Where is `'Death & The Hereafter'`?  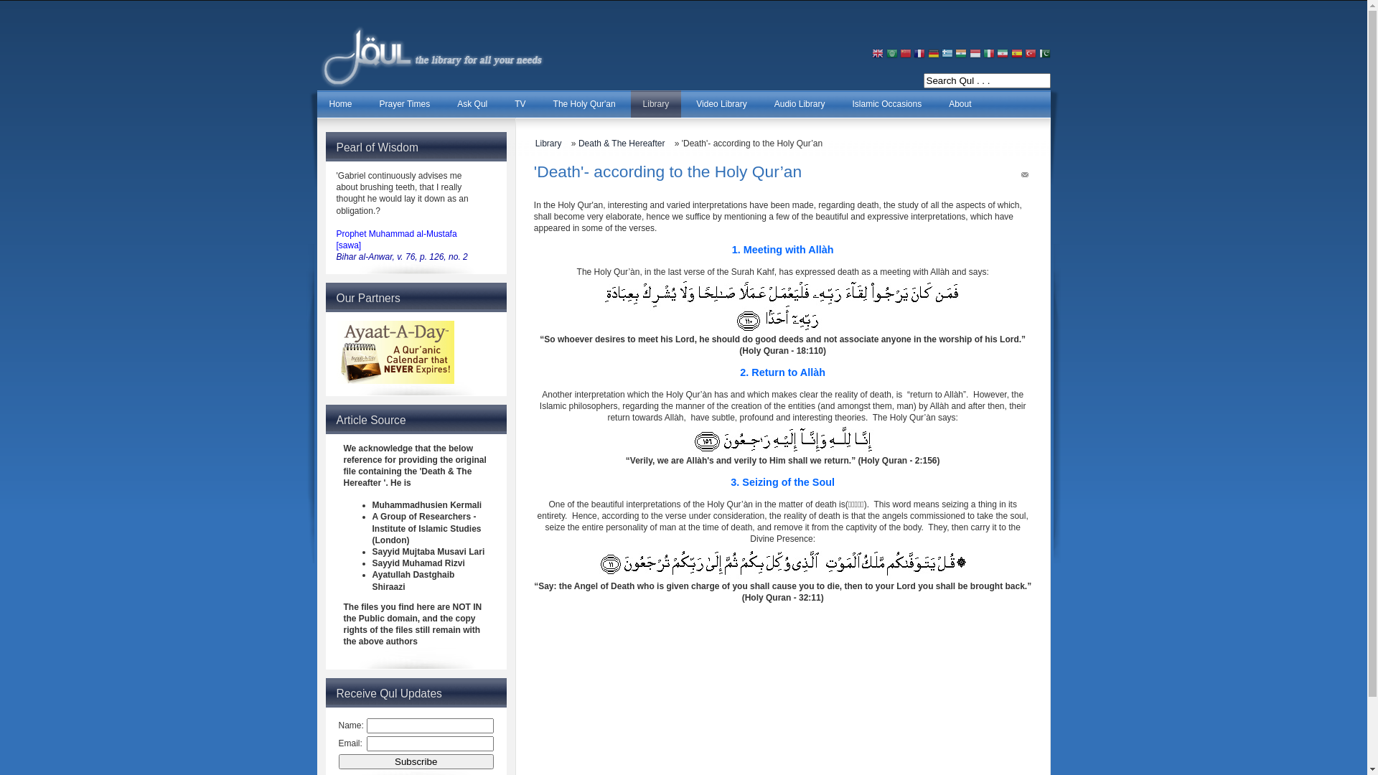 'Death & The Hereafter' is located at coordinates (625, 144).